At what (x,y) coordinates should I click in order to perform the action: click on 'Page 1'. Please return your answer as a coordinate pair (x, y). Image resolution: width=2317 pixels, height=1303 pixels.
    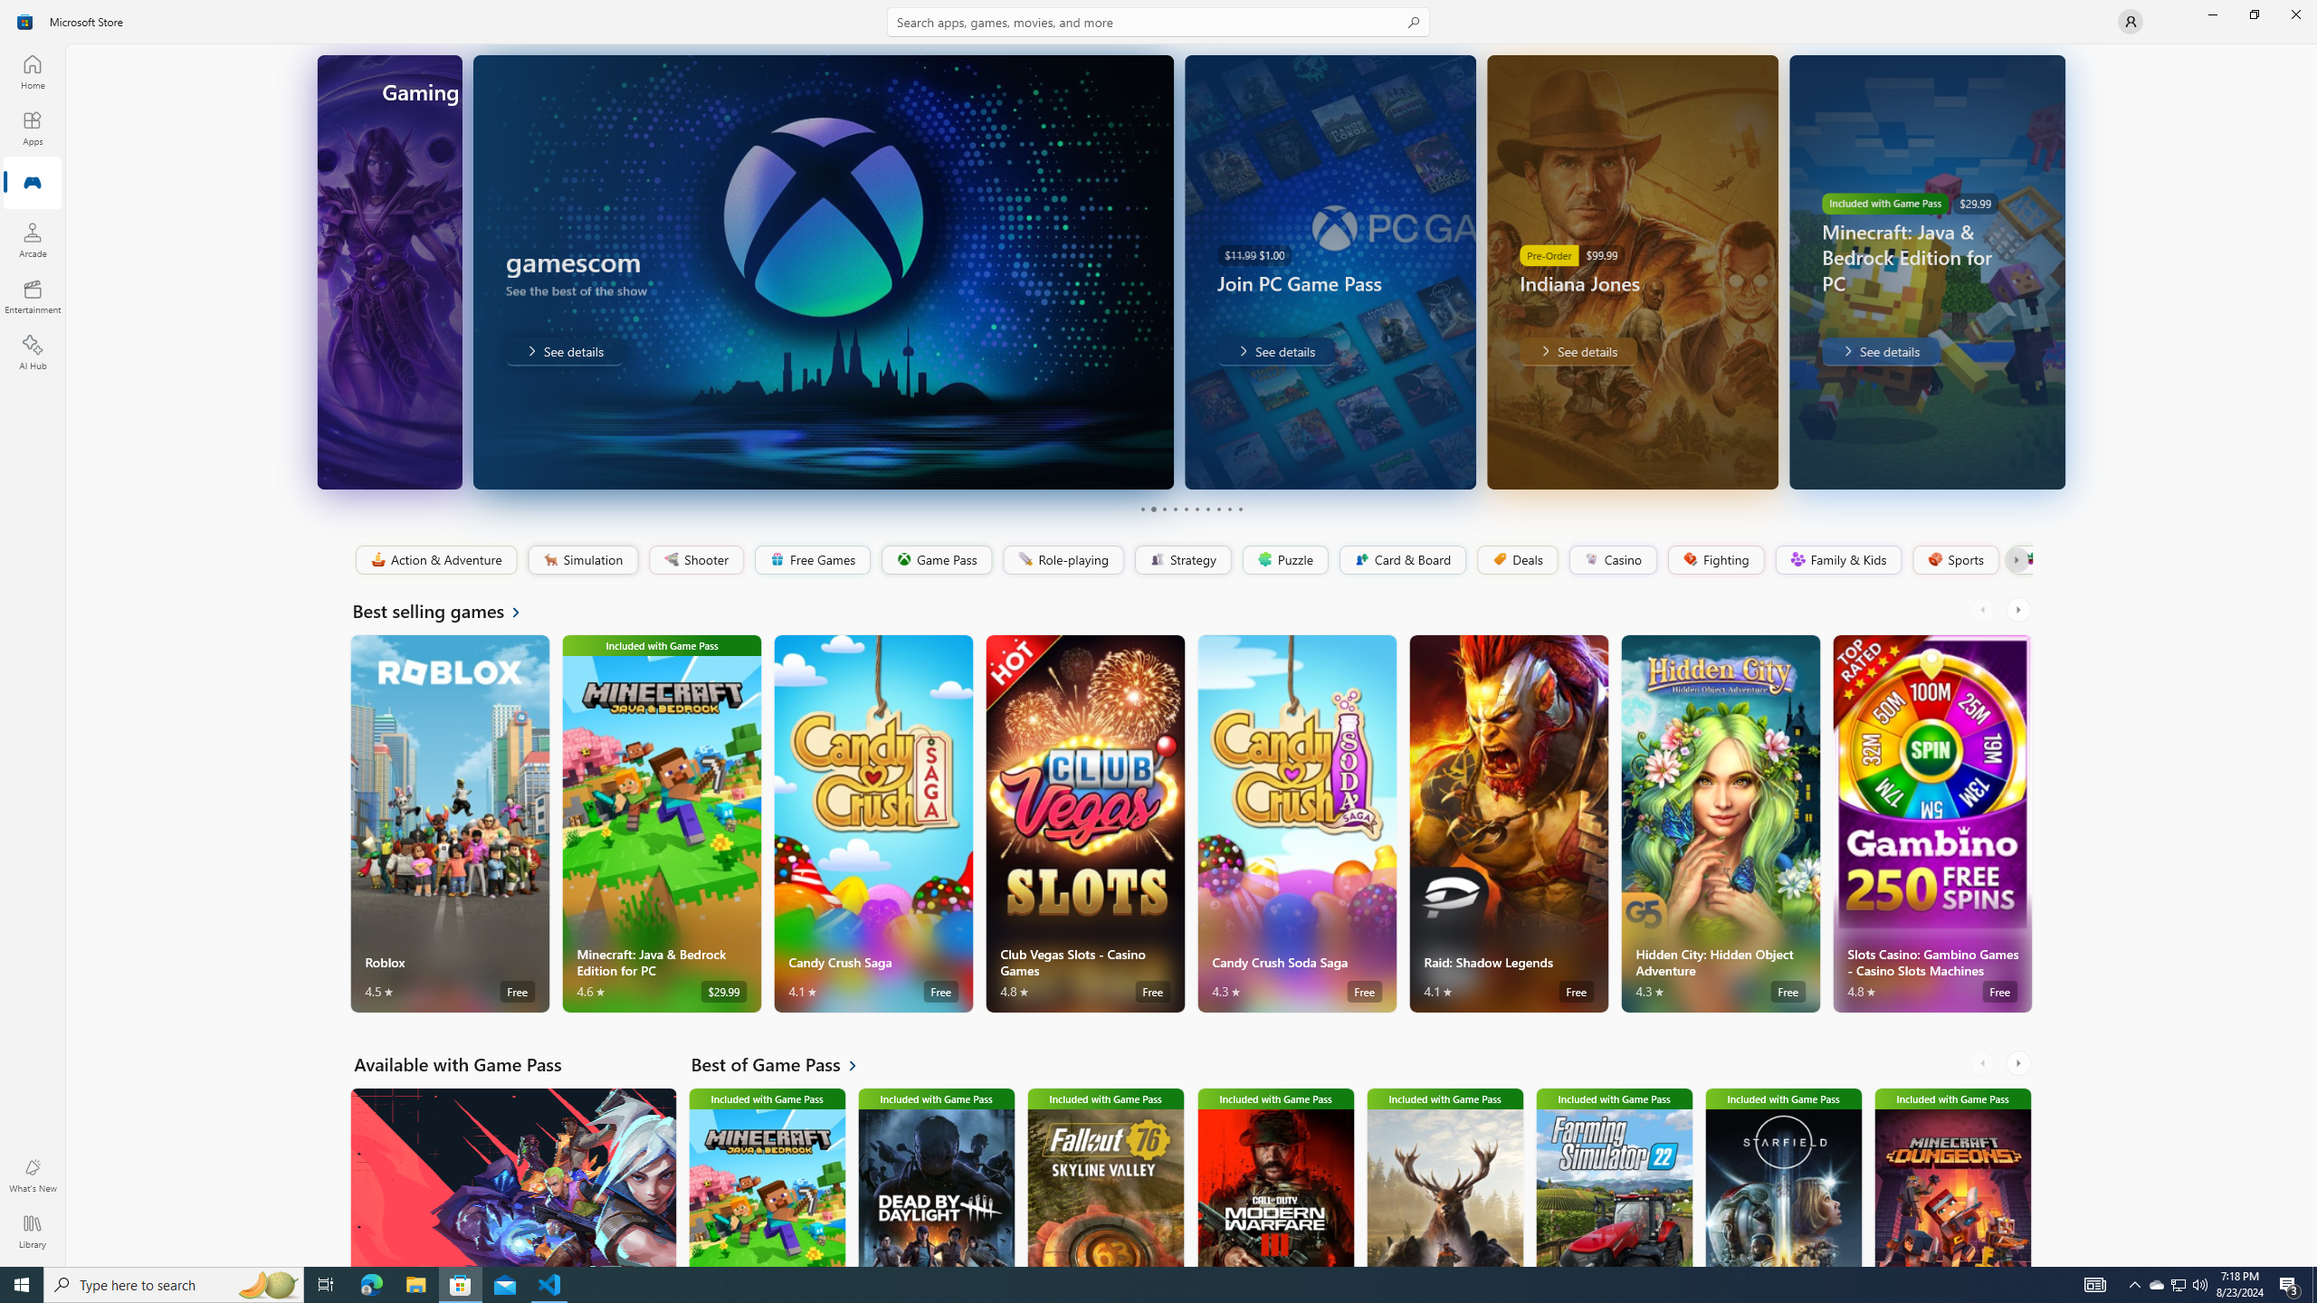
    Looking at the image, I should click on (1141, 509).